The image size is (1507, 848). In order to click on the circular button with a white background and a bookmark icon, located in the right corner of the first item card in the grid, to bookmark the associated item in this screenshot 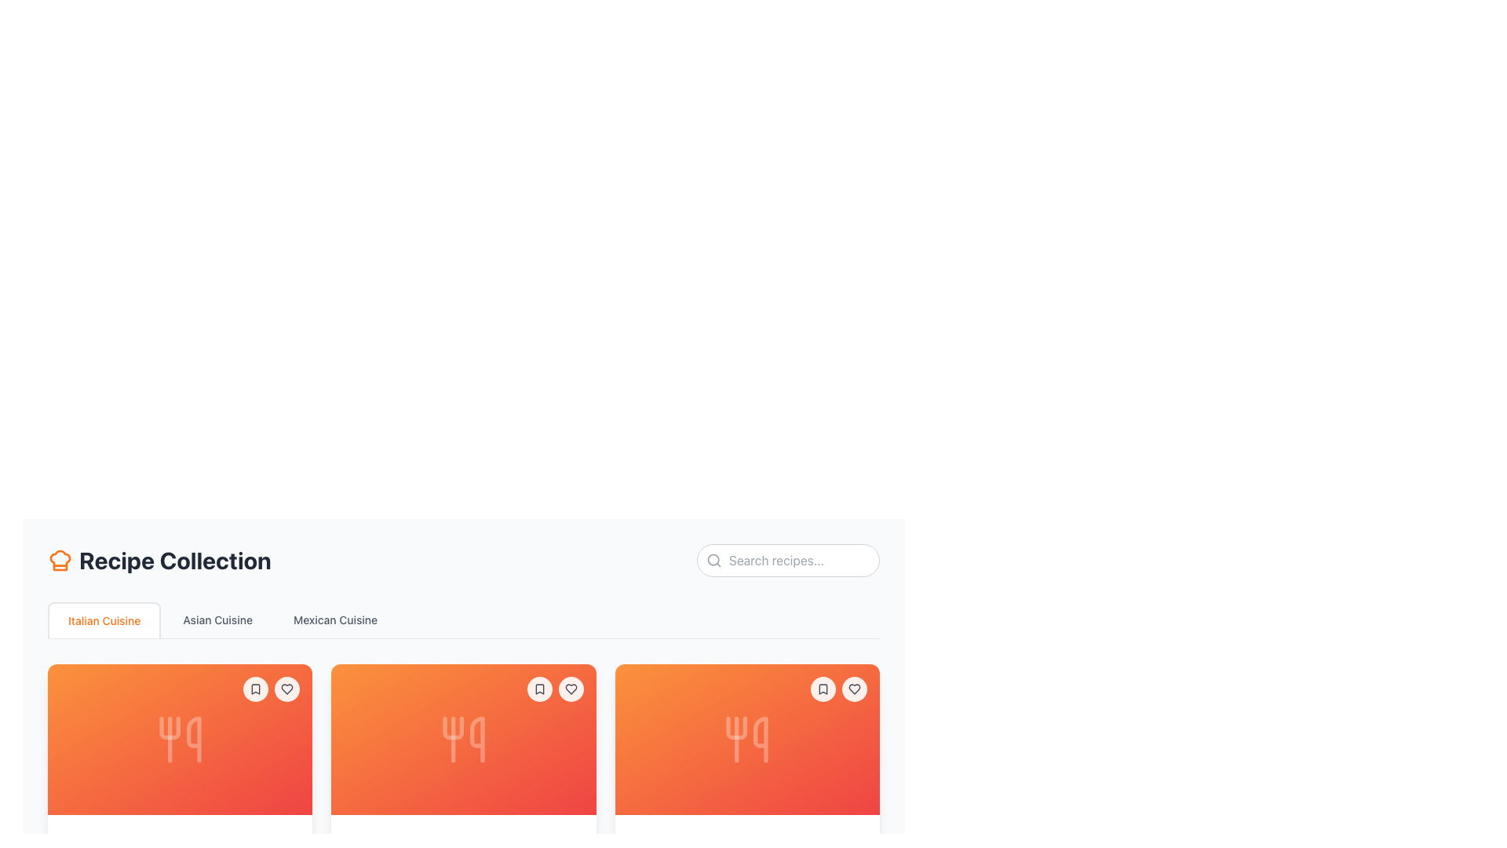, I will do `click(256, 689)`.